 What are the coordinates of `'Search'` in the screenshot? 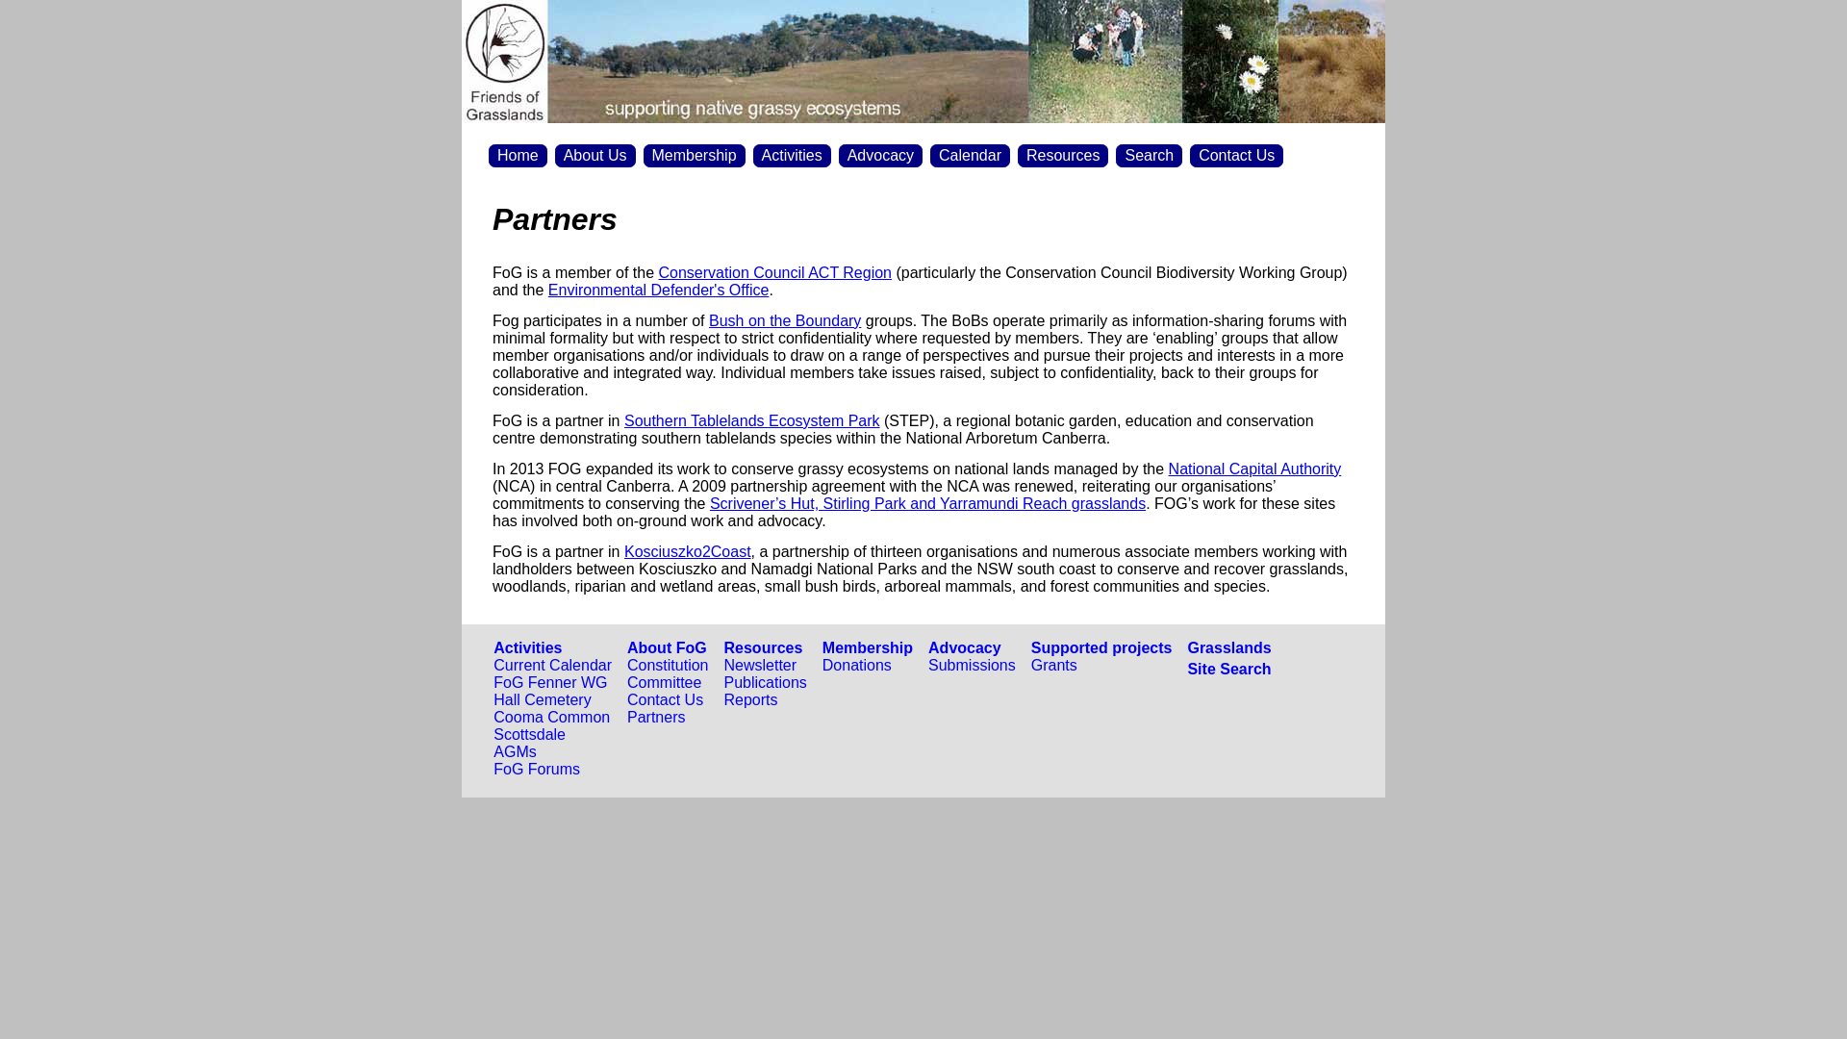 It's located at (1149, 155).